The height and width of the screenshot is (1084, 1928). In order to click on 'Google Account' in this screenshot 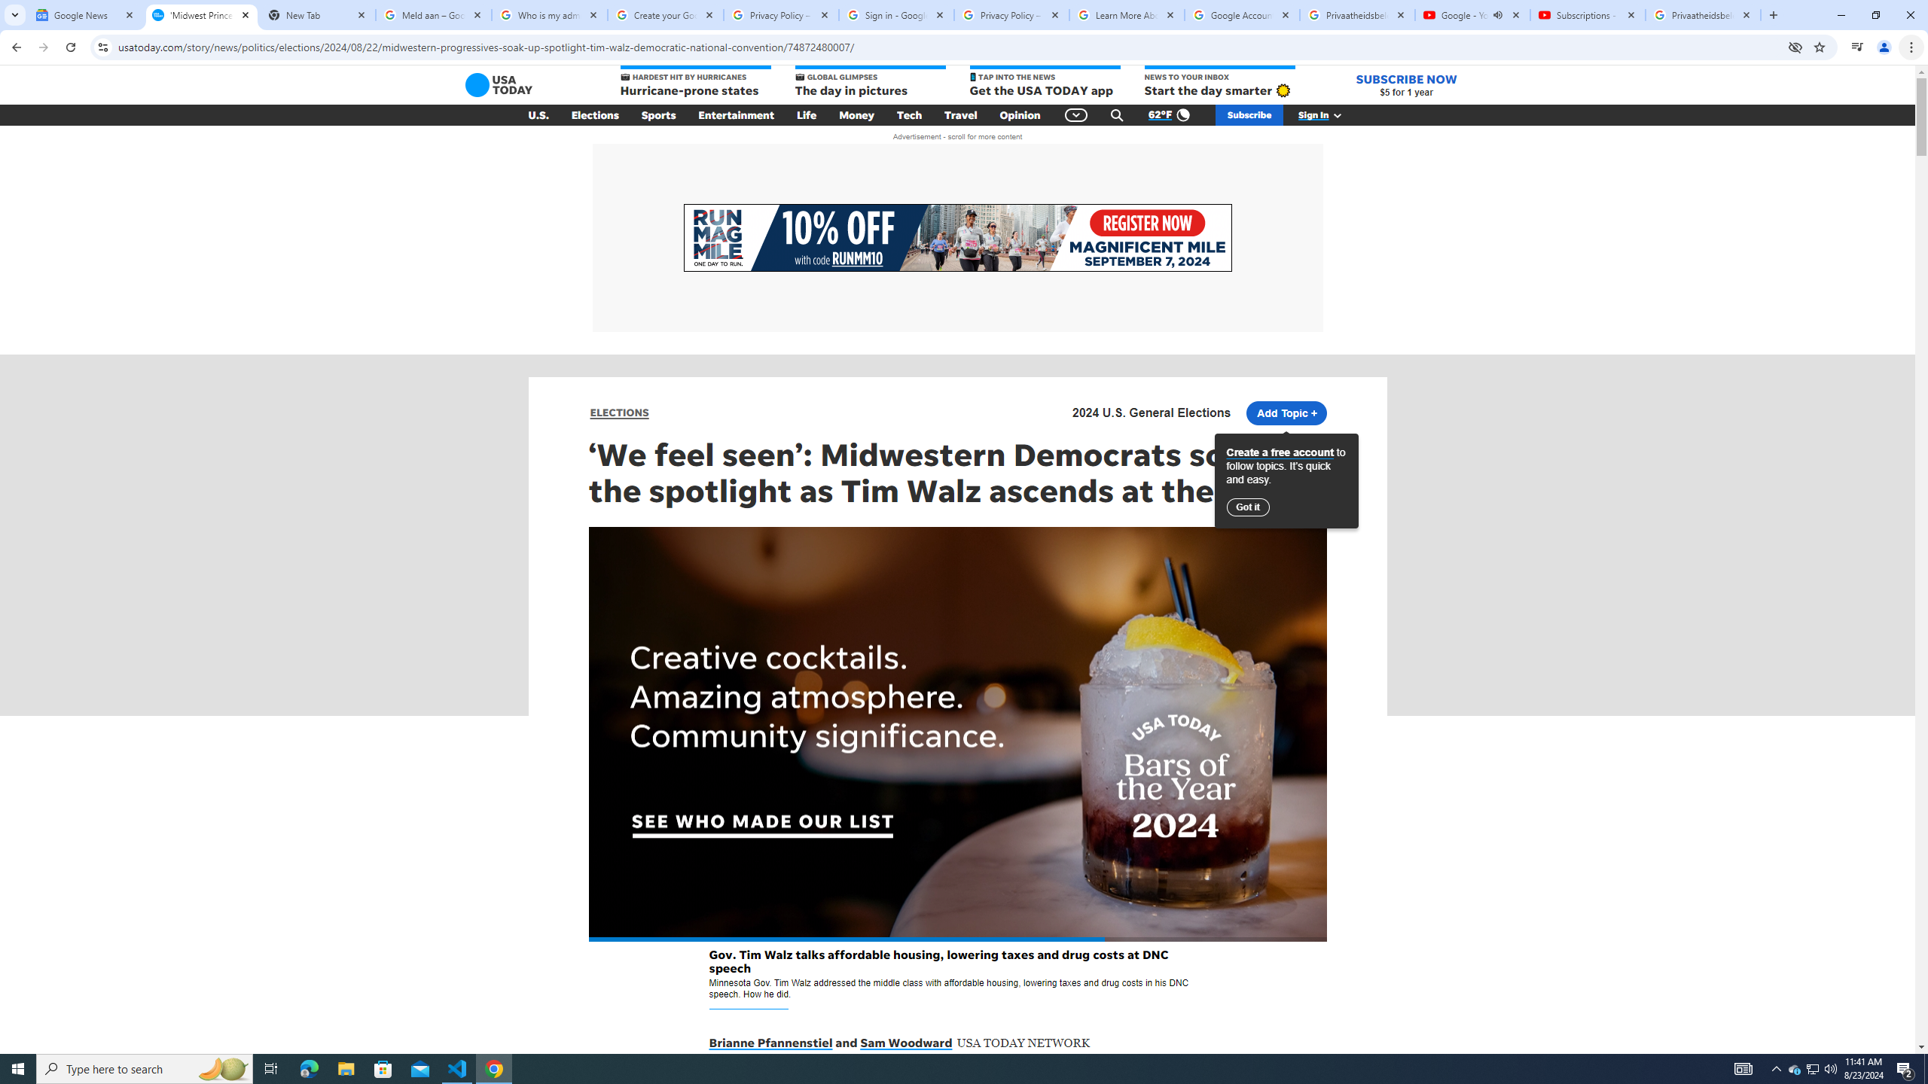, I will do `click(1241, 14)`.